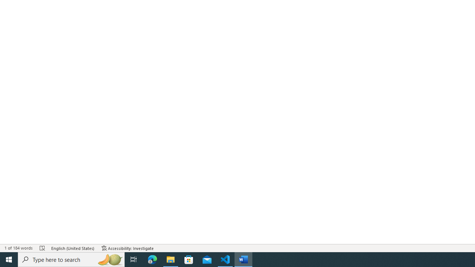 The height and width of the screenshot is (267, 475). I want to click on 'Spelling and Grammar Check Errors', so click(42, 248).